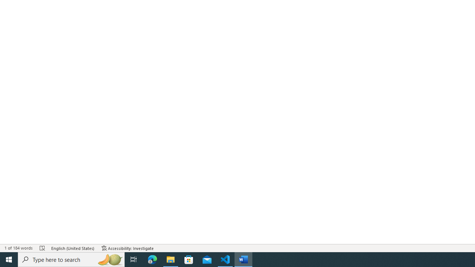 The height and width of the screenshot is (267, 475). I want to click on 'Spelling and Grammar Check Errors', so click(42, 248).